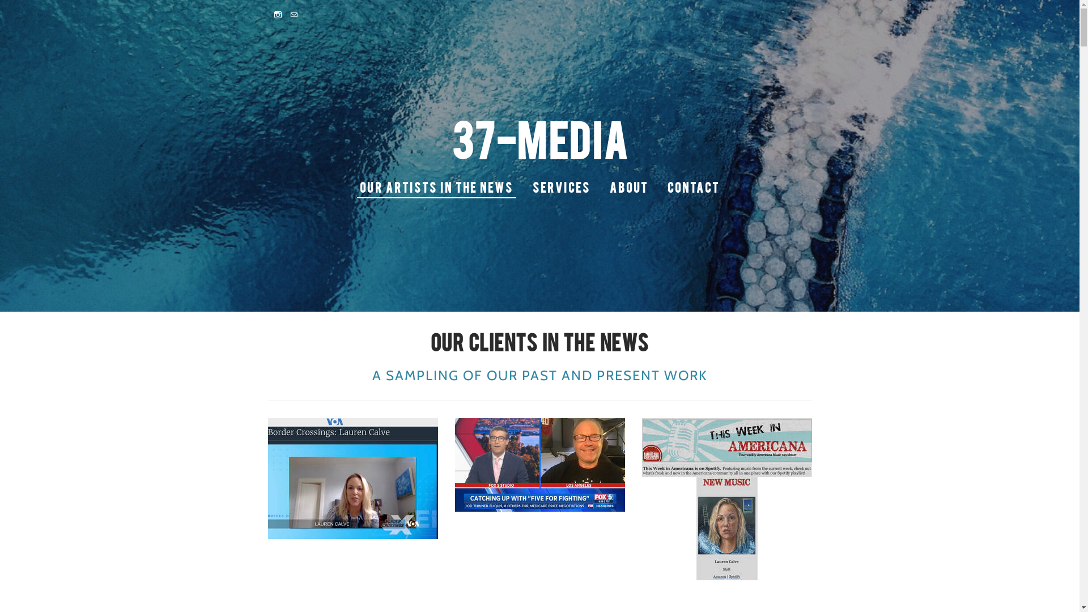 This screenshot has height=612, width=1088. I want to click on 'OUR ARTISTS IN THE NEWS', so click(436, 187).